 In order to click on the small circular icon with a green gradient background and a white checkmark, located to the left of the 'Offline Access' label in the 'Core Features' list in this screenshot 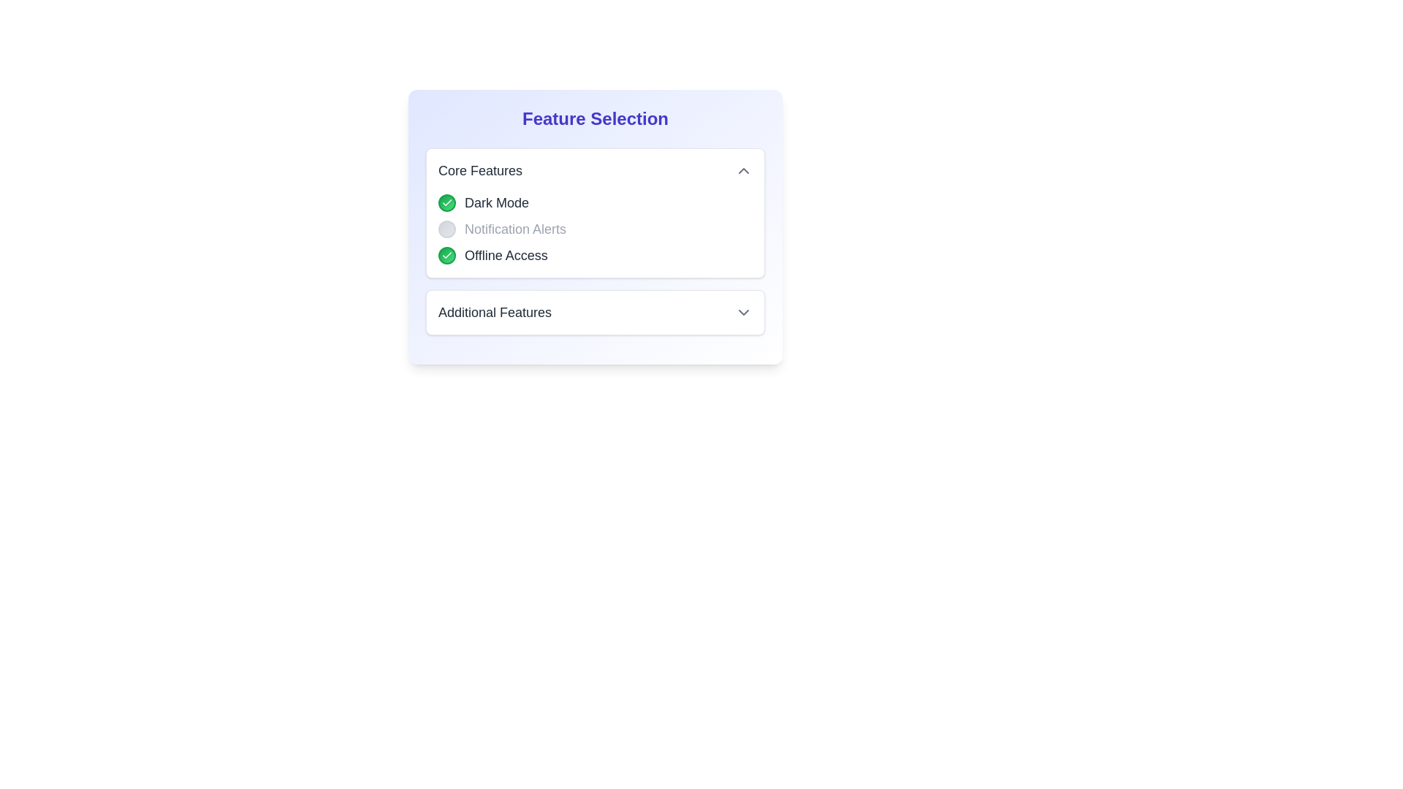, I will do `click(446, 202)`.